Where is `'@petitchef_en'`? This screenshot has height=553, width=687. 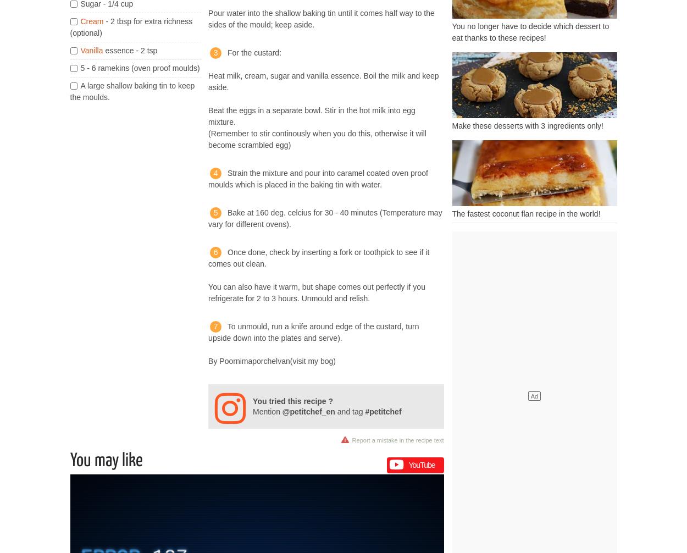 '@petitchef_en' is located at coordinates (308, 411).